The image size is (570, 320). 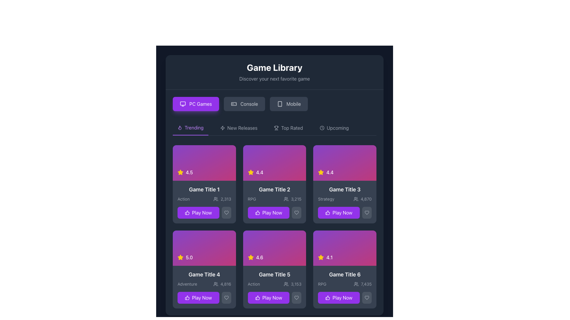 I want to click on the yellow star icon representing the rating in the second card of the first row in the game grid, so click(x=251, y=172).